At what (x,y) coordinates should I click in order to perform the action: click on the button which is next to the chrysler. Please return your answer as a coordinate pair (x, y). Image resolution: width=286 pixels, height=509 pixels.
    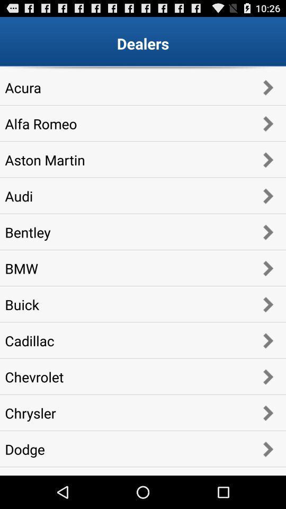
    Looking at the image, I should click on (267, 413).